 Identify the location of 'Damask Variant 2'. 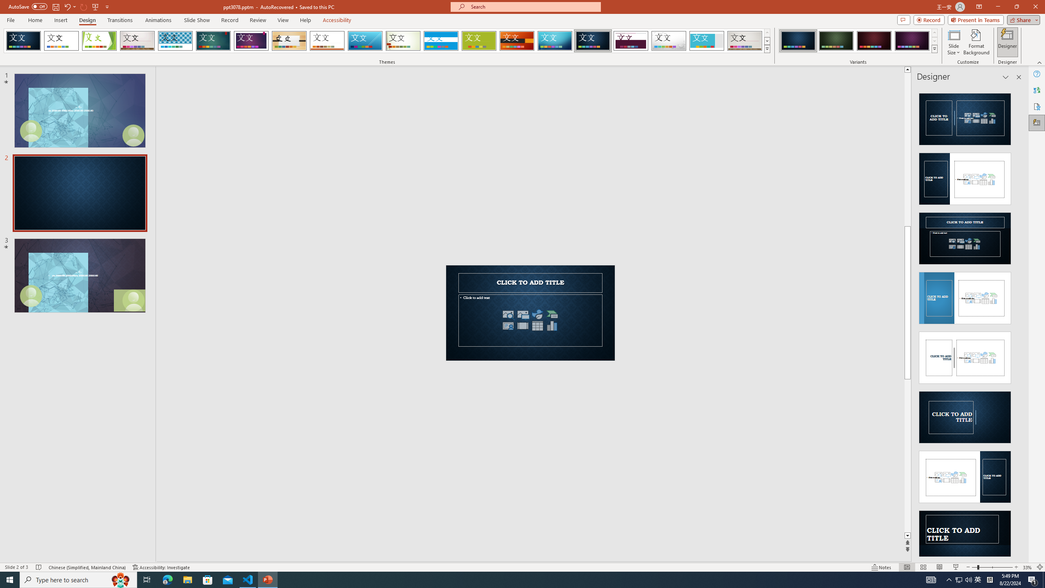
(836, 40).